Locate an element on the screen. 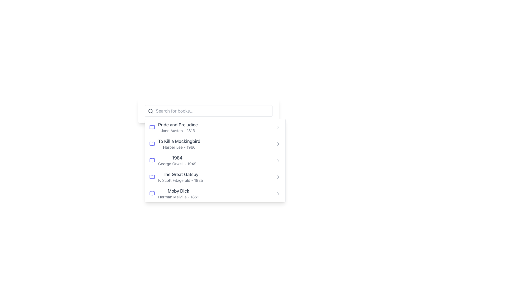  the right-facing chevron icon located at the far-right side of the row displaying 'Moby Dick' is located at coordinates (278, 193).